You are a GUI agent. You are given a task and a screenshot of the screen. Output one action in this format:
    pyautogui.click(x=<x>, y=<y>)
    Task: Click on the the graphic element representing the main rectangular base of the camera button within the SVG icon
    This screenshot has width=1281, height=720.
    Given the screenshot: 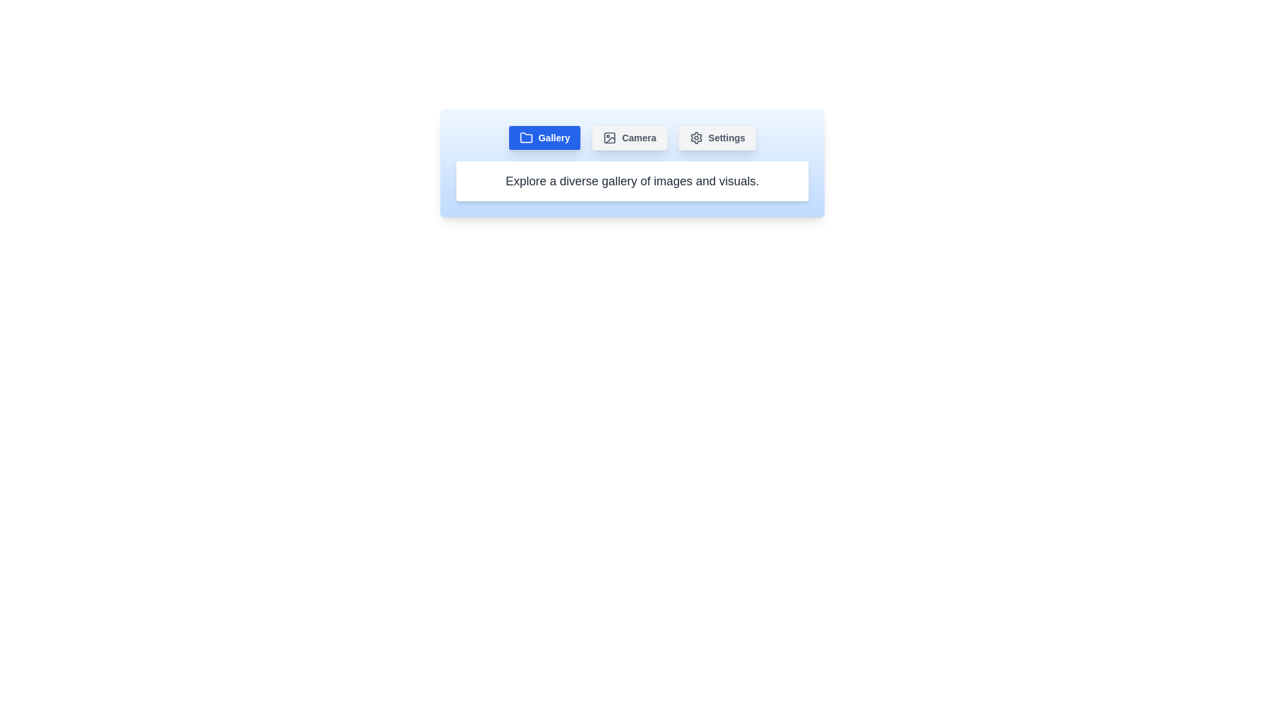 What is the action you would take?
    pyautogui.click(x=609, y=138)
    